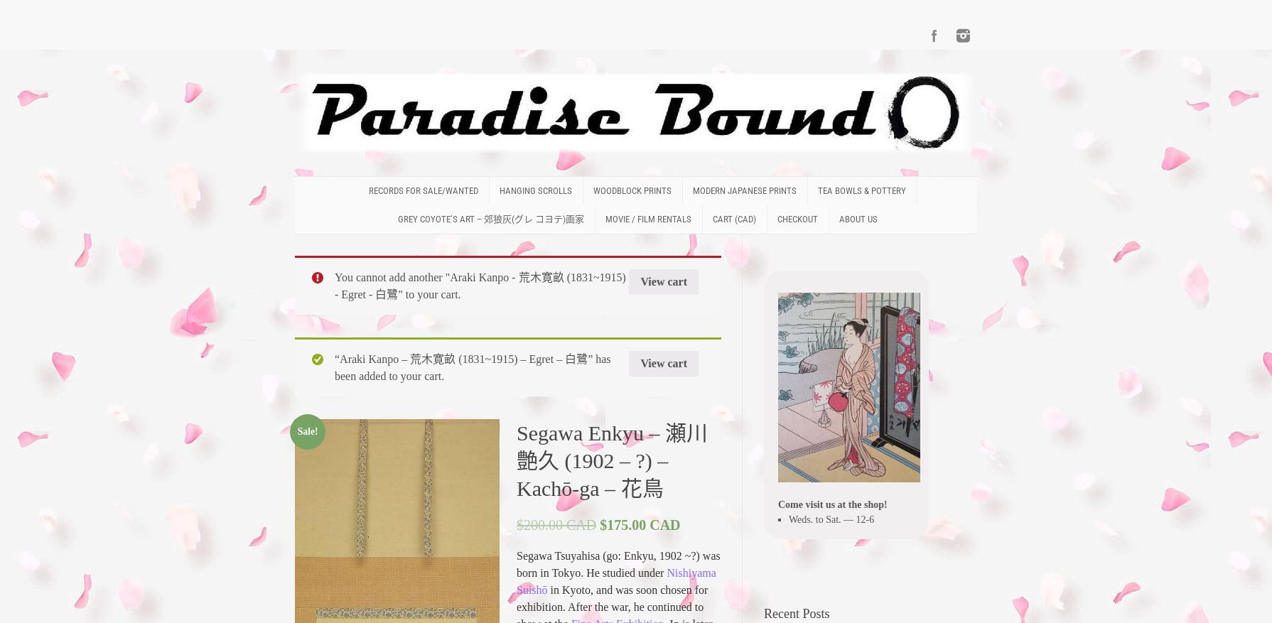 The width and height of the screenshot is (1272, 623). What do you see at coordinates (559, 524) in the screenshot?
I see `'200.00 CAD'` at bounding box center [559, 524].